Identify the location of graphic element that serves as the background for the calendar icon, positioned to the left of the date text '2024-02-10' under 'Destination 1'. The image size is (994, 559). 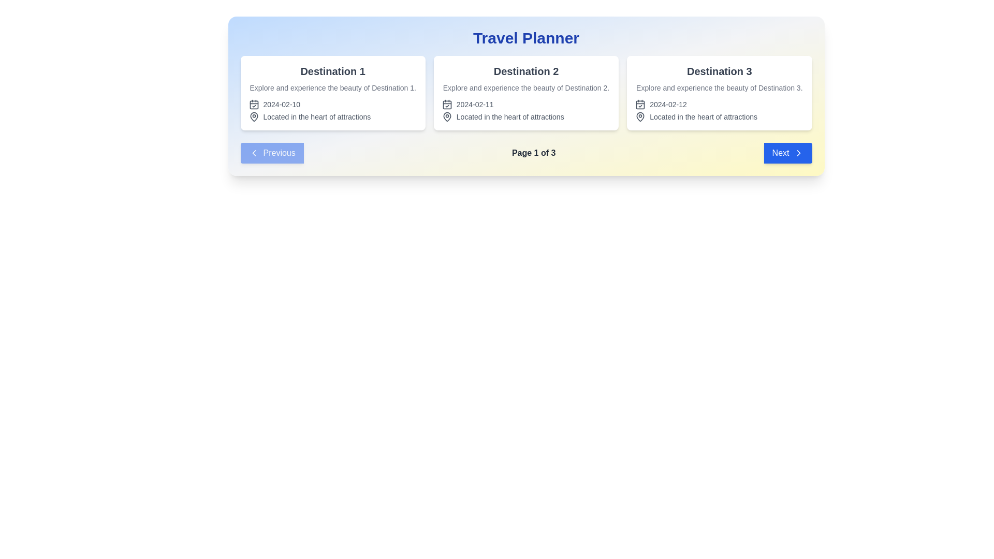
(254, 105).